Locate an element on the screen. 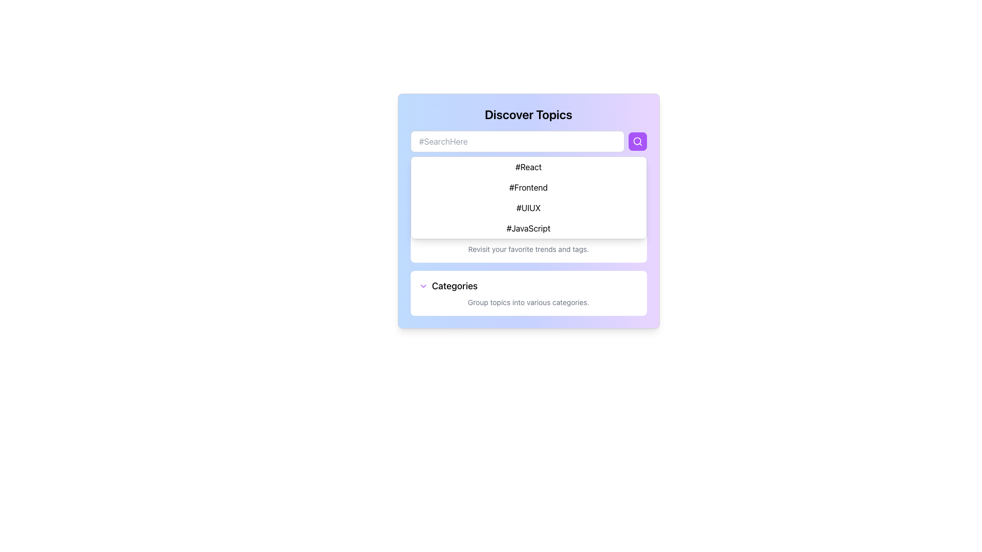 This screenshot has width=982, height=552. the first hashtag '#React' in the 'Discover Topics' interface is located at coordinates (528, 167).